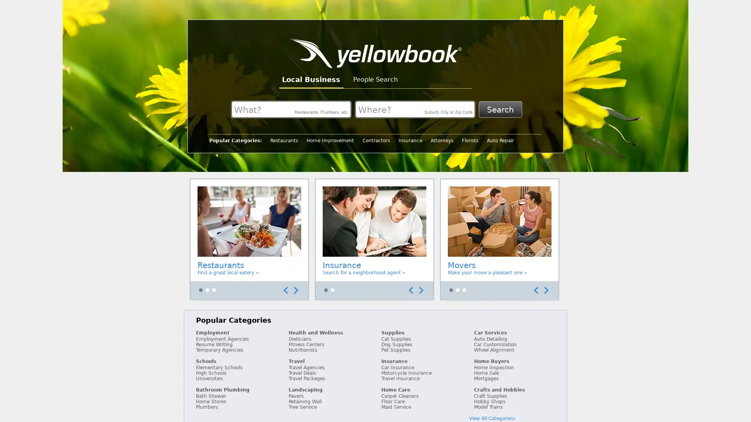 The height and width of the screenshot is (422, 751). I want to click on Accessible Carousel, so click(316, 179).